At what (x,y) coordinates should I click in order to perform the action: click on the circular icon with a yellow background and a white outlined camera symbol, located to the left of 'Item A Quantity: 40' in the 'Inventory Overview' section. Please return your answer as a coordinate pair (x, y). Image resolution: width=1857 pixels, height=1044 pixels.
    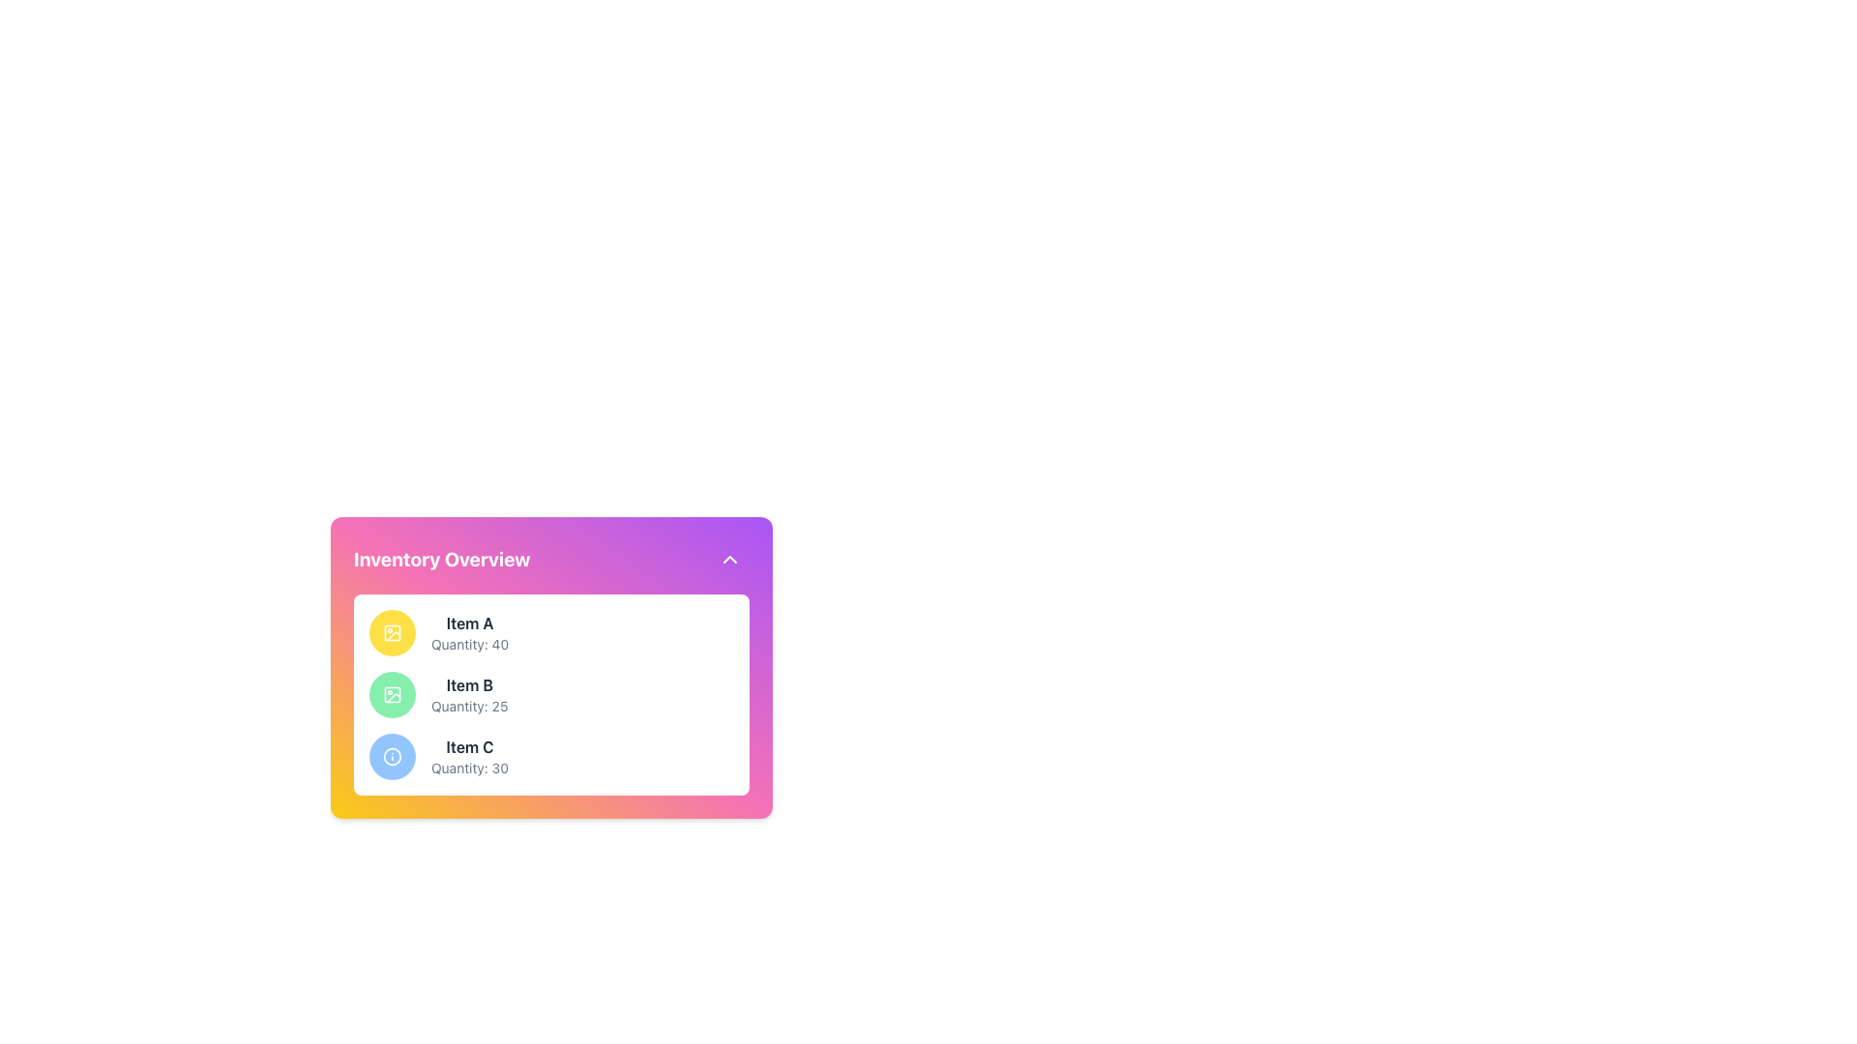
    Looking at the image, I should click on (392, 633).